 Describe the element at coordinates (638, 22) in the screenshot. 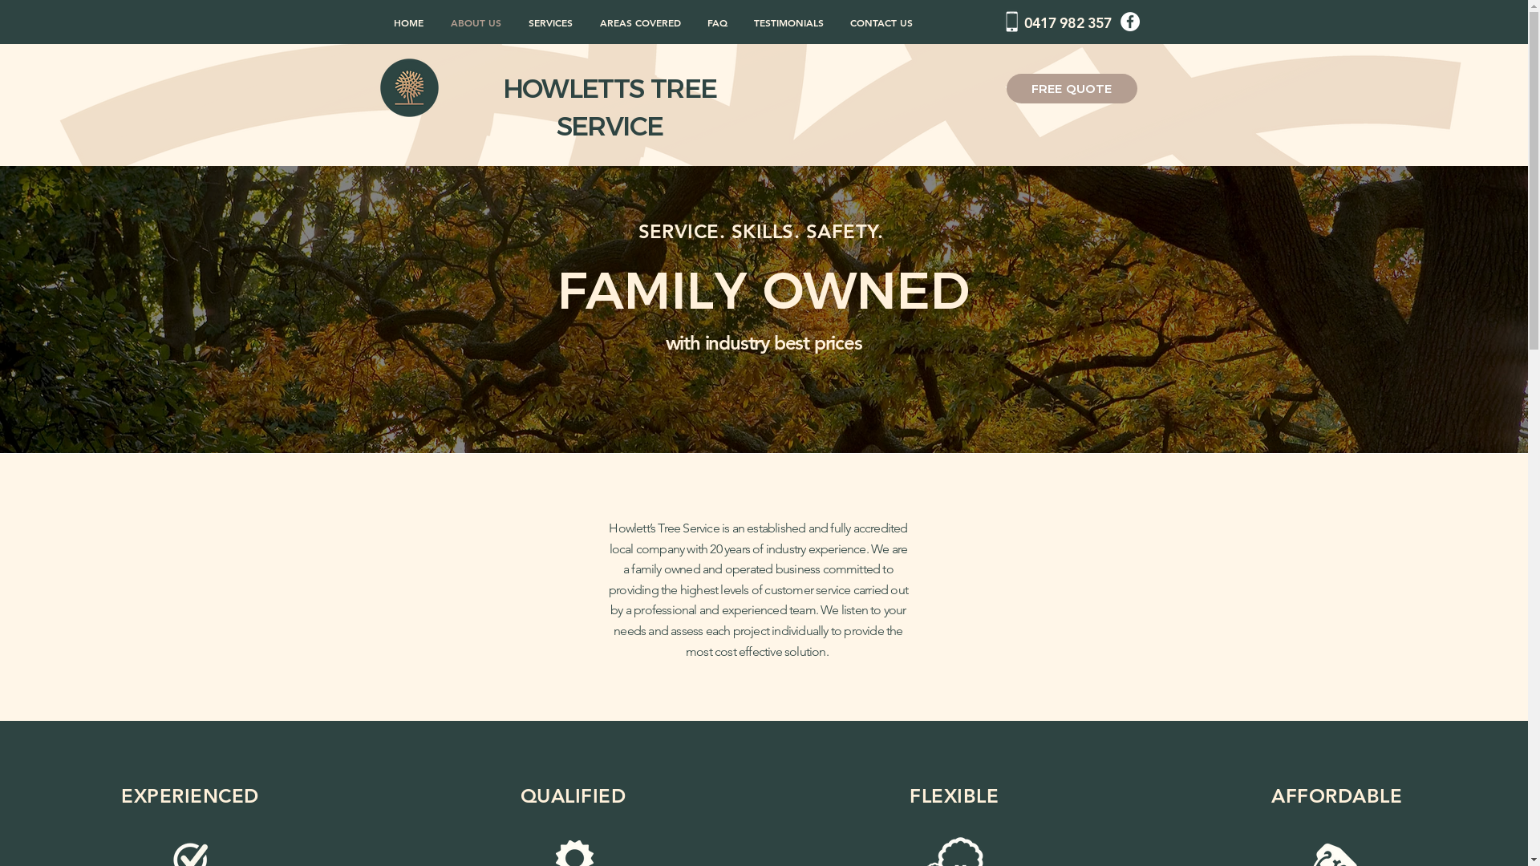

I see `'AREAS COVERED'` at that location.